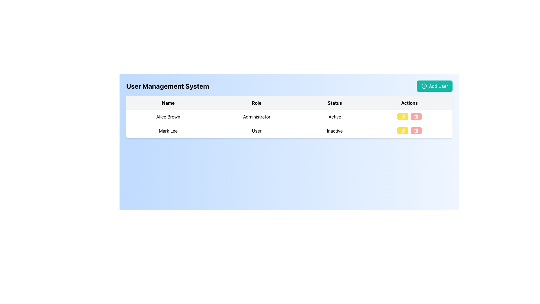 The width and height of the screenshot is (540, 304). I want to click on the delete button located in the Actions column of the table to initiate the delete action for the user 'Mark Lee', so click(416, 130).